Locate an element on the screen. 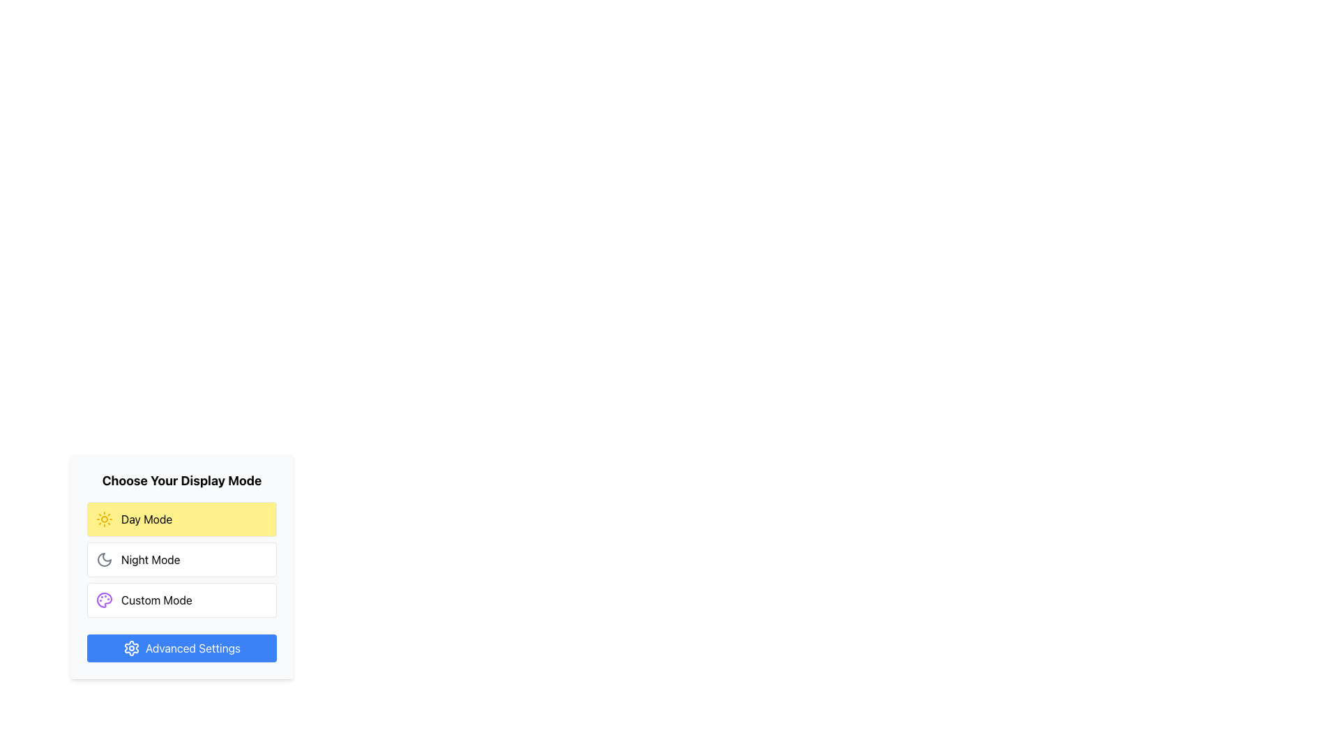 The height and width of the screenshot is (753, 1339). the circular sun icon located within the 'Day Mode' button, which is positioned near the top of the display mode selection interface is located at coordinates (103, 519).